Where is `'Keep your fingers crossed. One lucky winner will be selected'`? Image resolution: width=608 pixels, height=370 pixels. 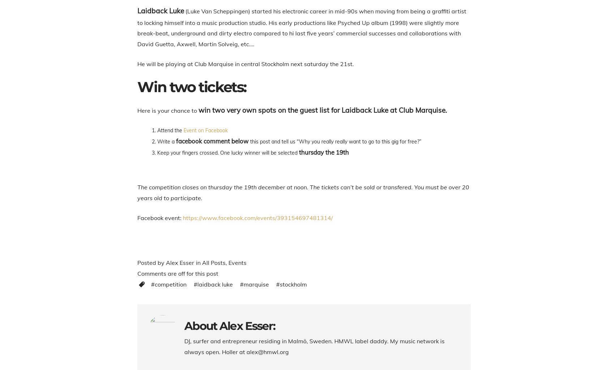 'Keep your fingers crossed. One lucky winner will be selected' is located at coordinates (157, 152).